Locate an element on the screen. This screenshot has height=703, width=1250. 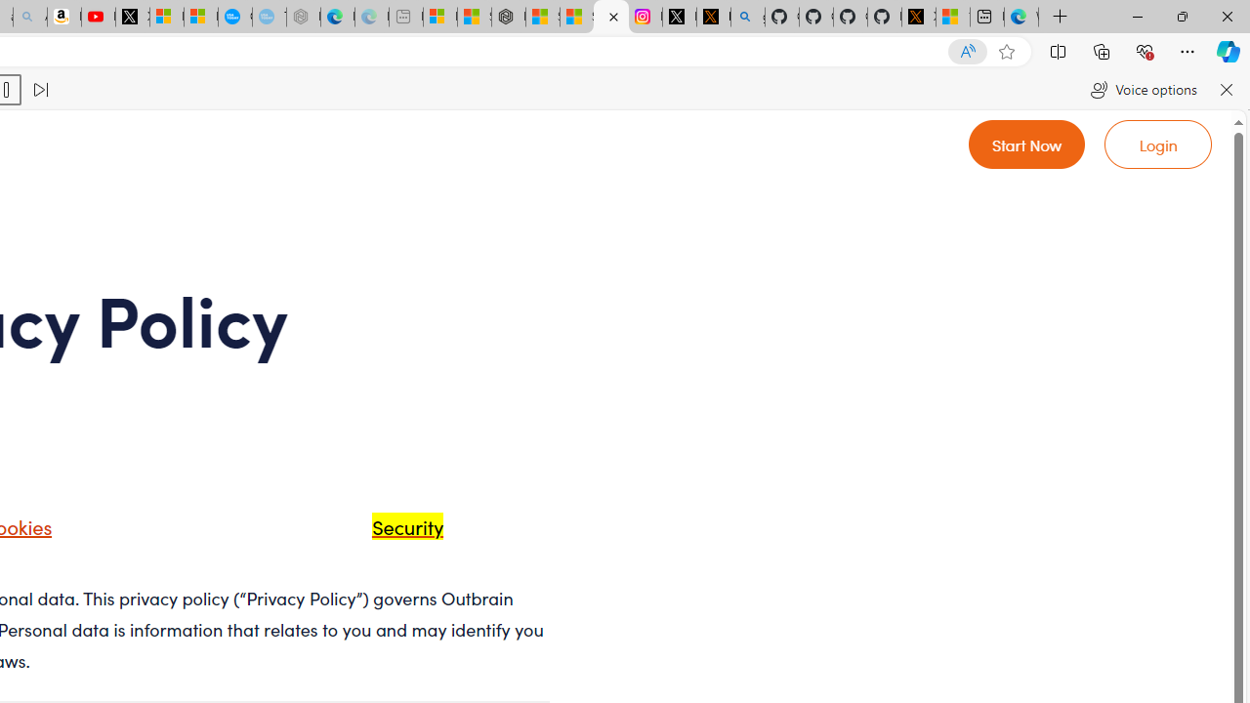
'Read next paragraph' is located at coordinates (39, 90).